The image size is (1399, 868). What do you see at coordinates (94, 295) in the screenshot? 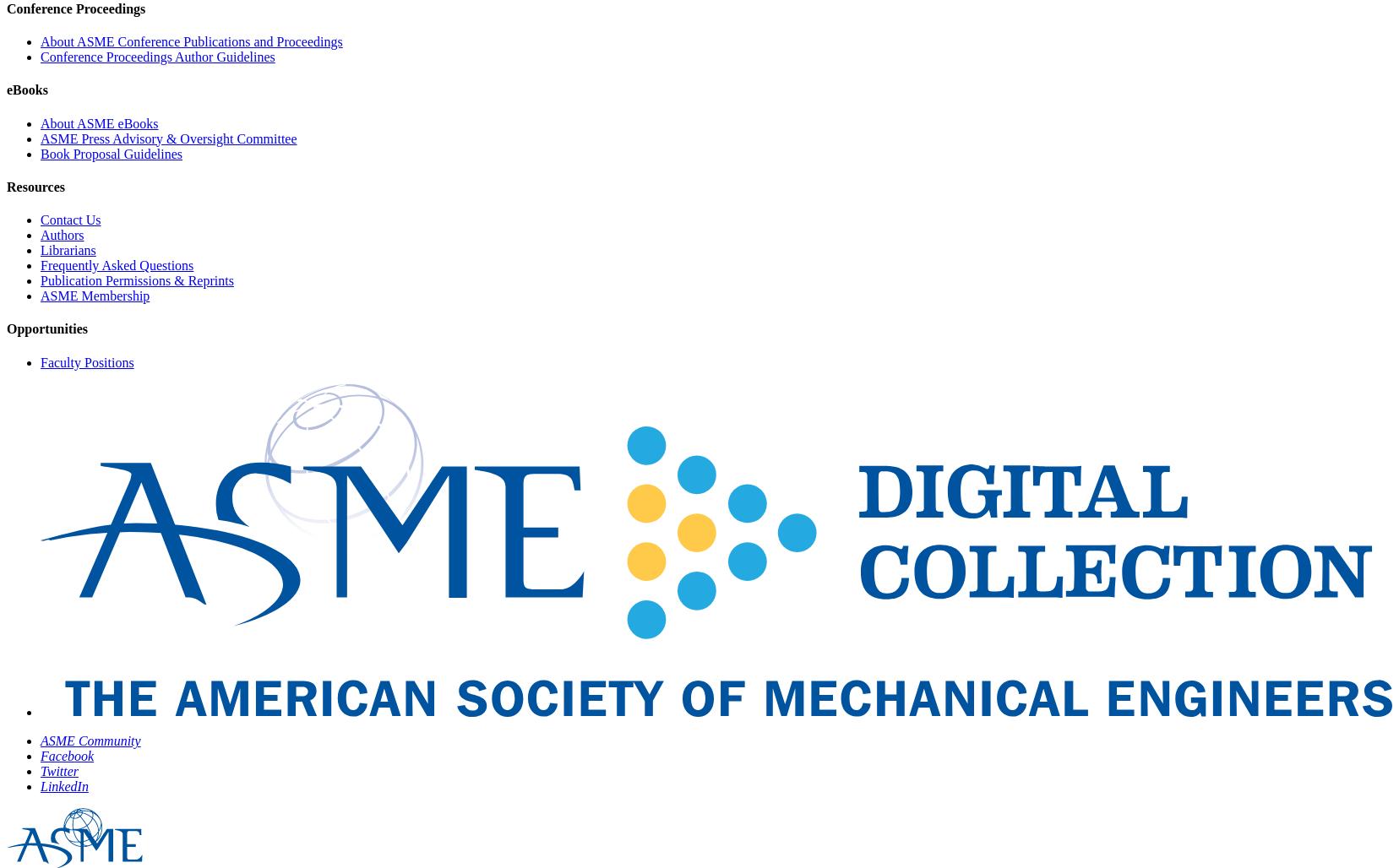
I see `'ASME Membership'` at bounding box center [94, 295].